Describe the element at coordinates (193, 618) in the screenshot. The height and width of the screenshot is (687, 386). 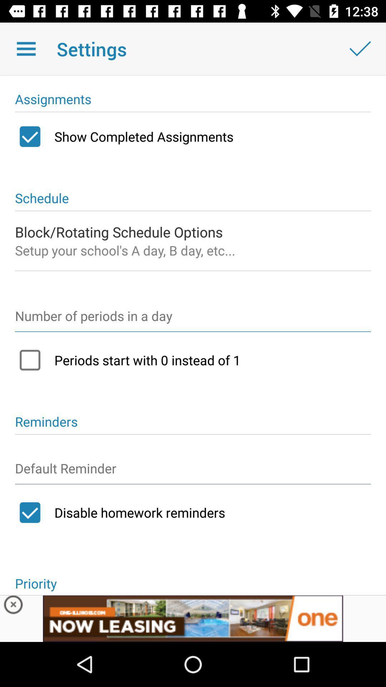
I see `advertisement` at that location.